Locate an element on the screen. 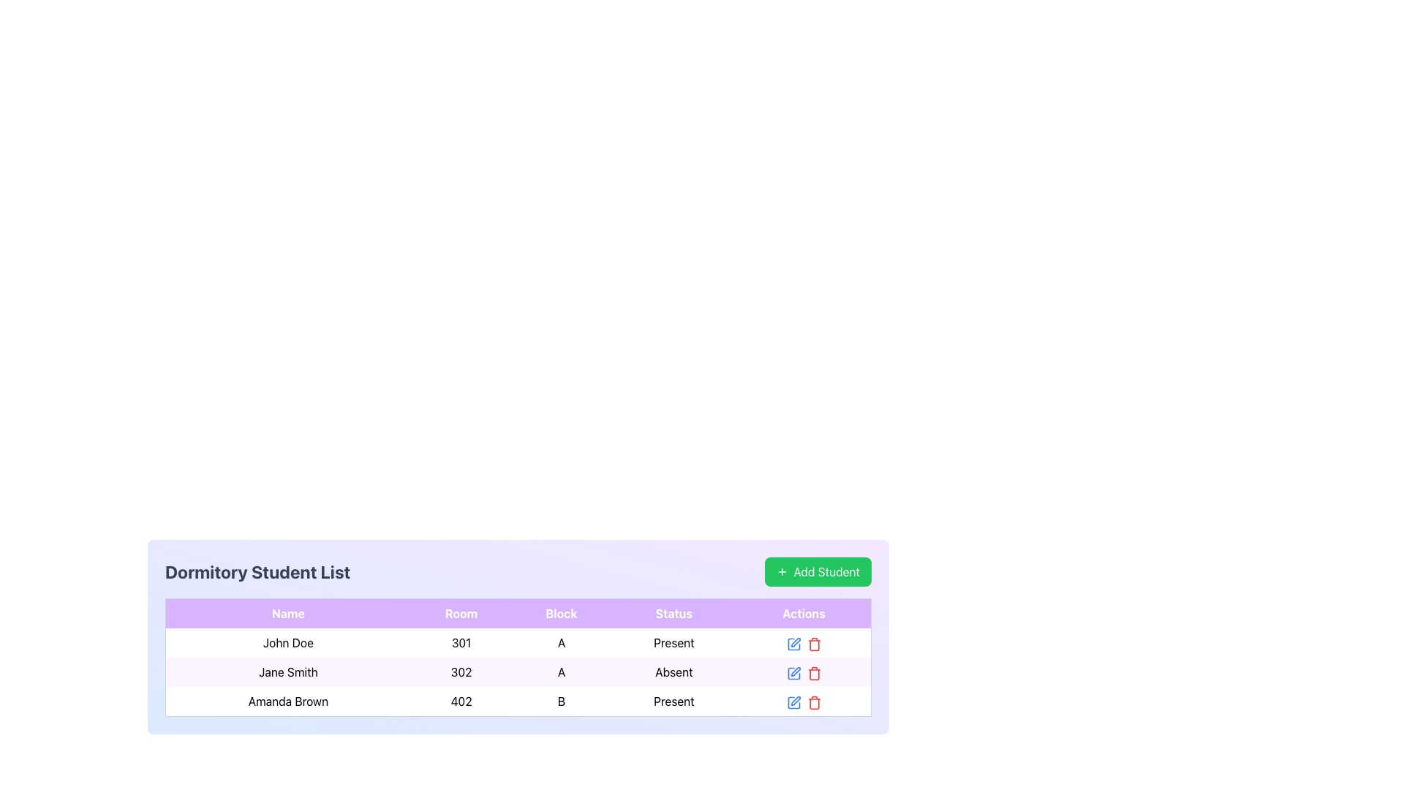  displayed text 'John Doe' from the first row under the 'Name' column in the table is located at coordinates (288, 642).